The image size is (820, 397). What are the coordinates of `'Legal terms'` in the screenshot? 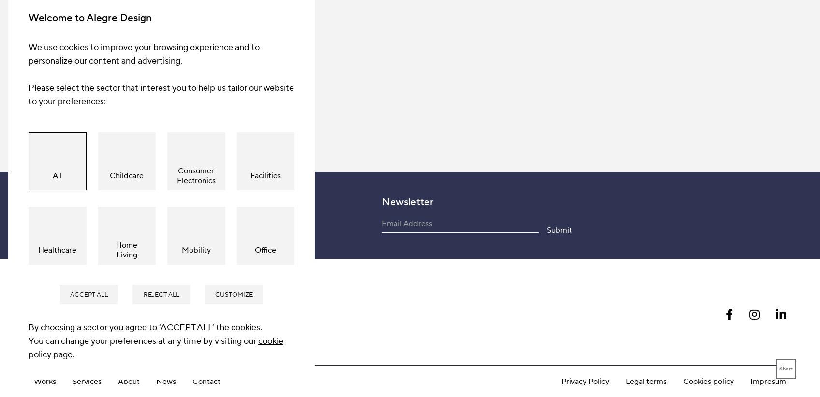 It's located at (646, 164).